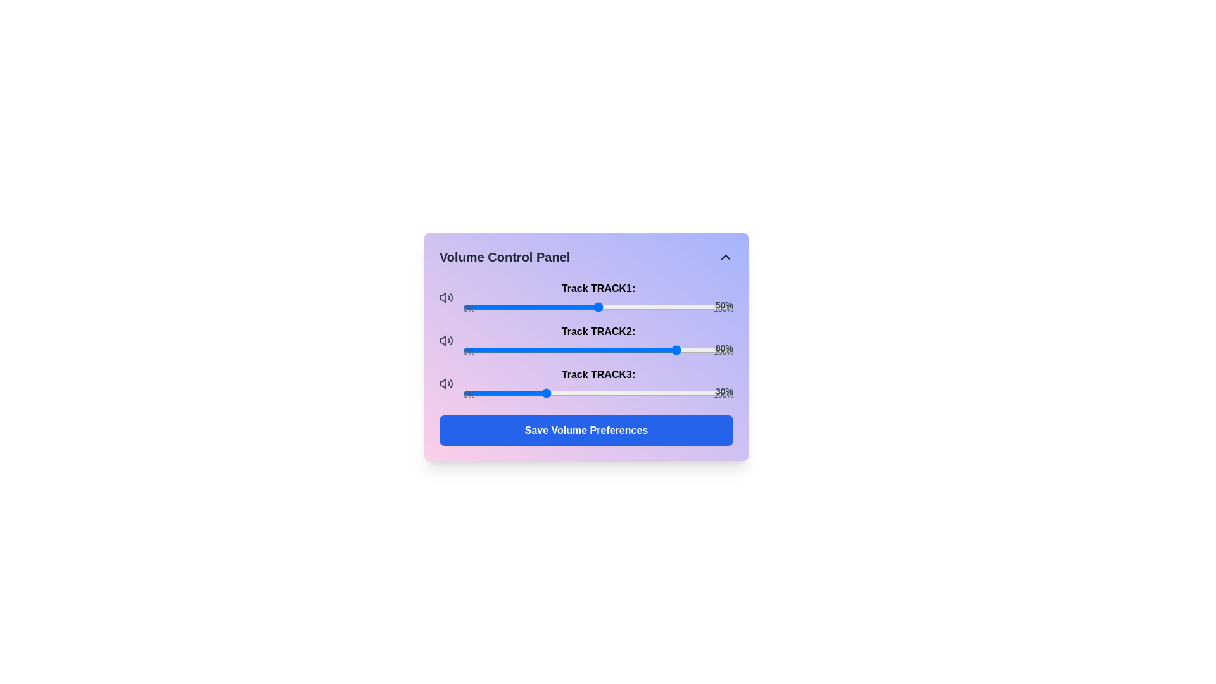 The image size is (1216, 684). Describe the element at coordinates (573, 307) in the screenshot. I see `the volume` at that location.